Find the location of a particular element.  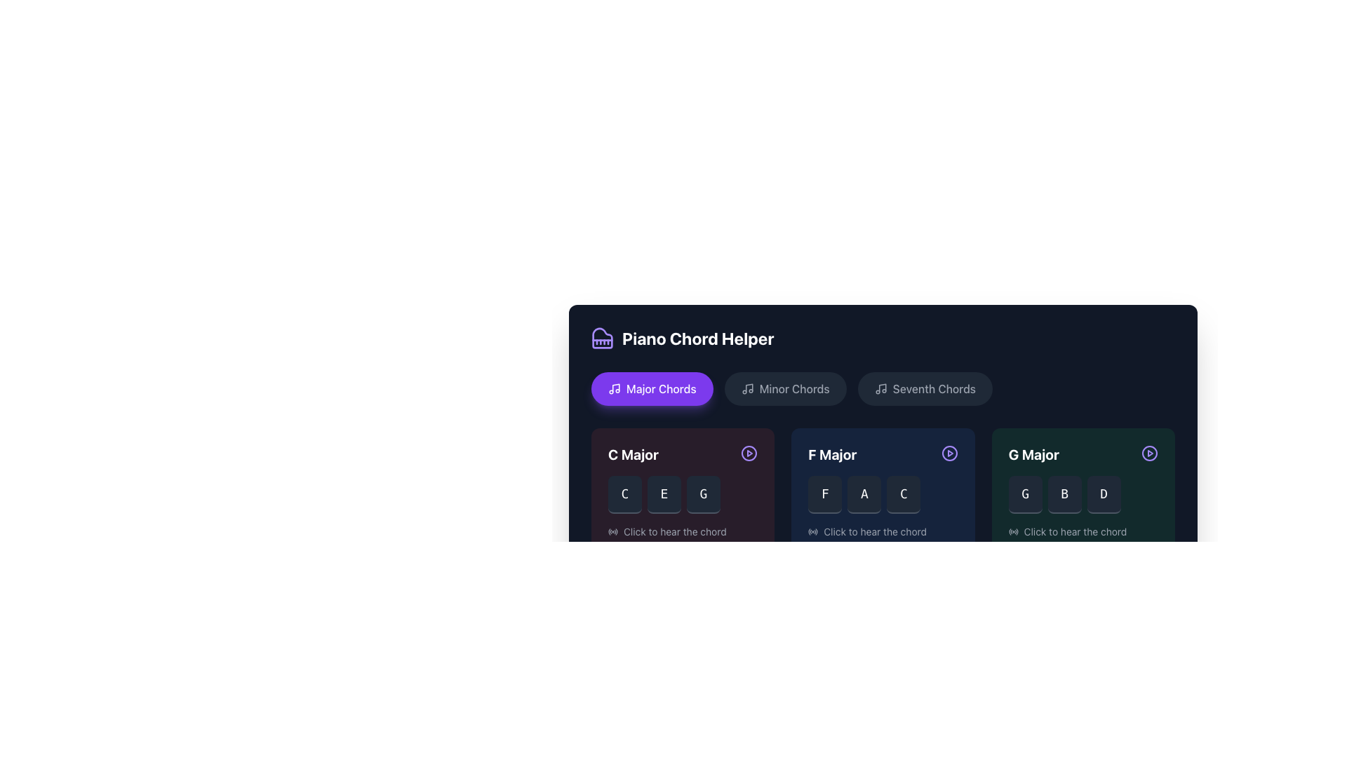

the interactive text element that allows users to play the 'C Major' chord, located below the letters 'C', 'E', and 'G' is located at coordinates (683, 532).